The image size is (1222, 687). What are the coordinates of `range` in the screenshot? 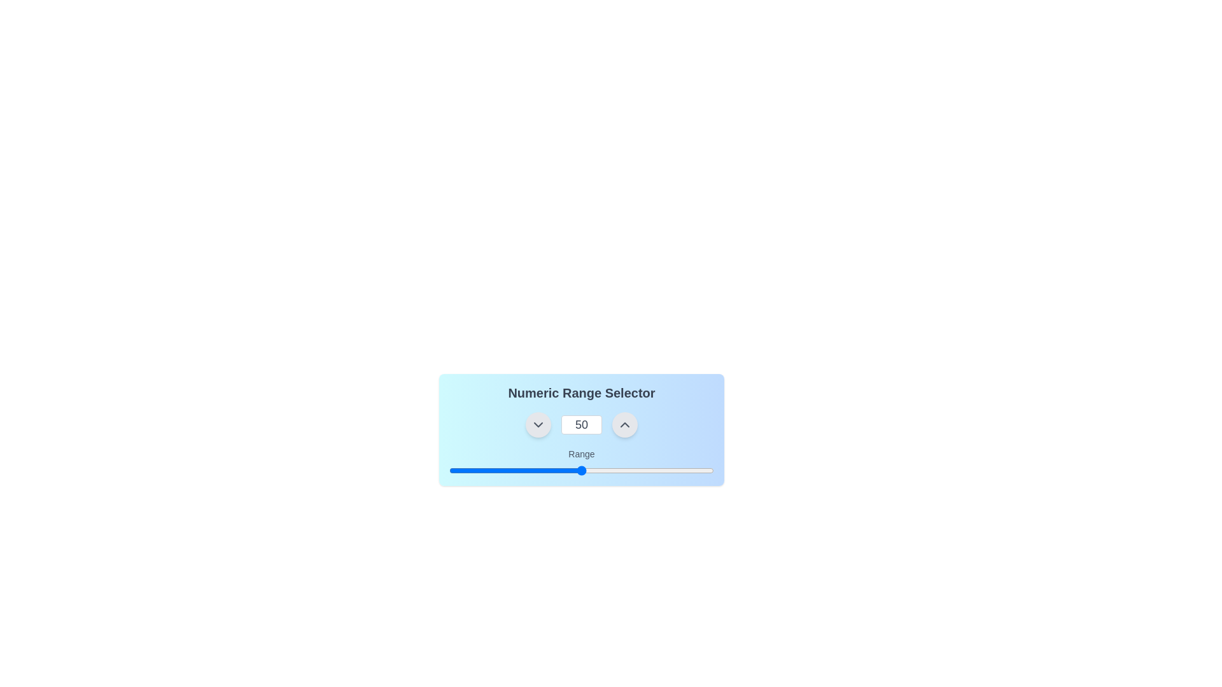 It's located at (502, 471).